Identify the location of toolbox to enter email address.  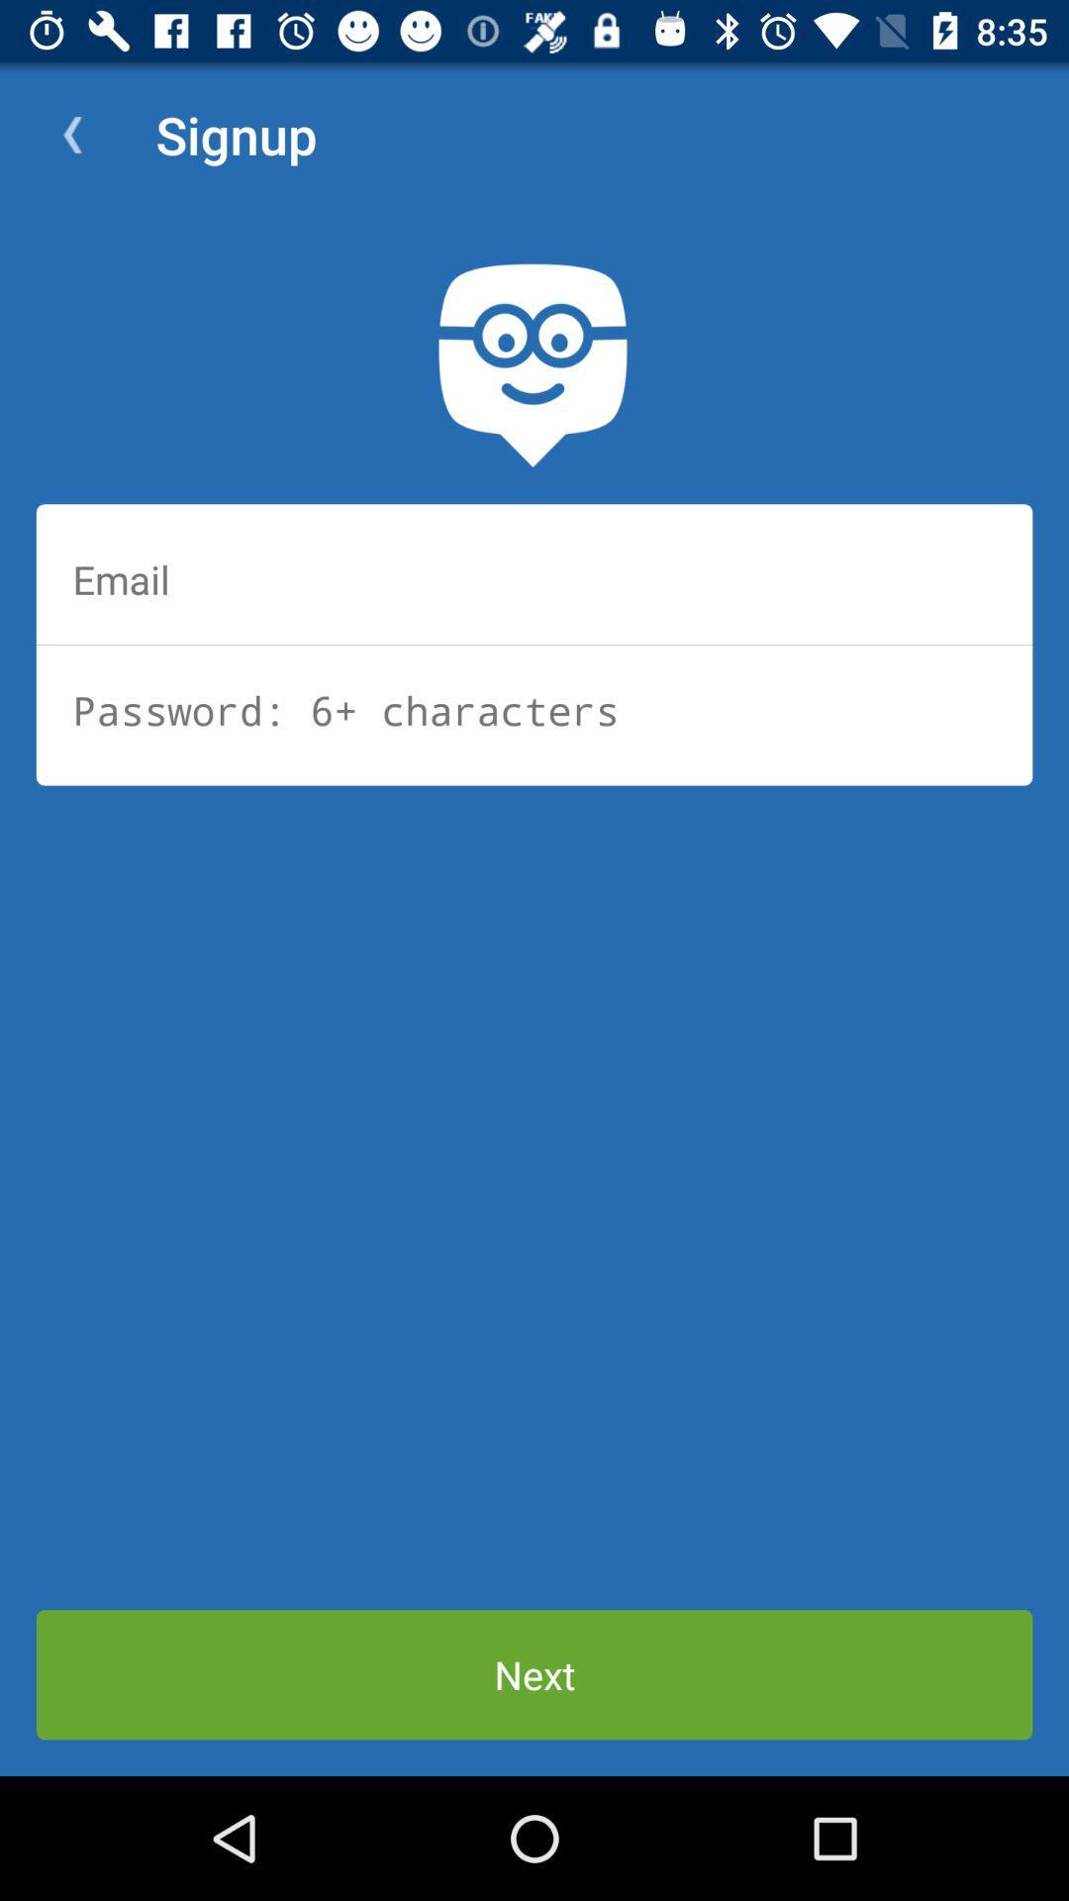
(534, 578).